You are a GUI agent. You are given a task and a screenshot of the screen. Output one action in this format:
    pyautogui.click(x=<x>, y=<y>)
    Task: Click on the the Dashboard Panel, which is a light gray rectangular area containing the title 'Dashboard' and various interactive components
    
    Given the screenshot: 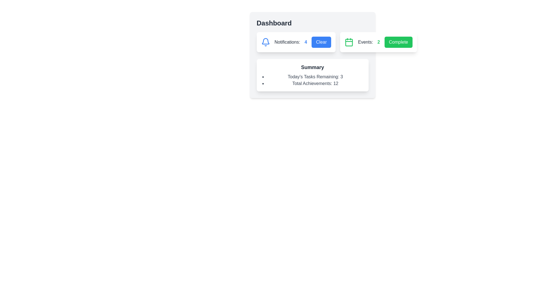 What is the action you would take?
    pyautogui.click(x=312, y=55)
    